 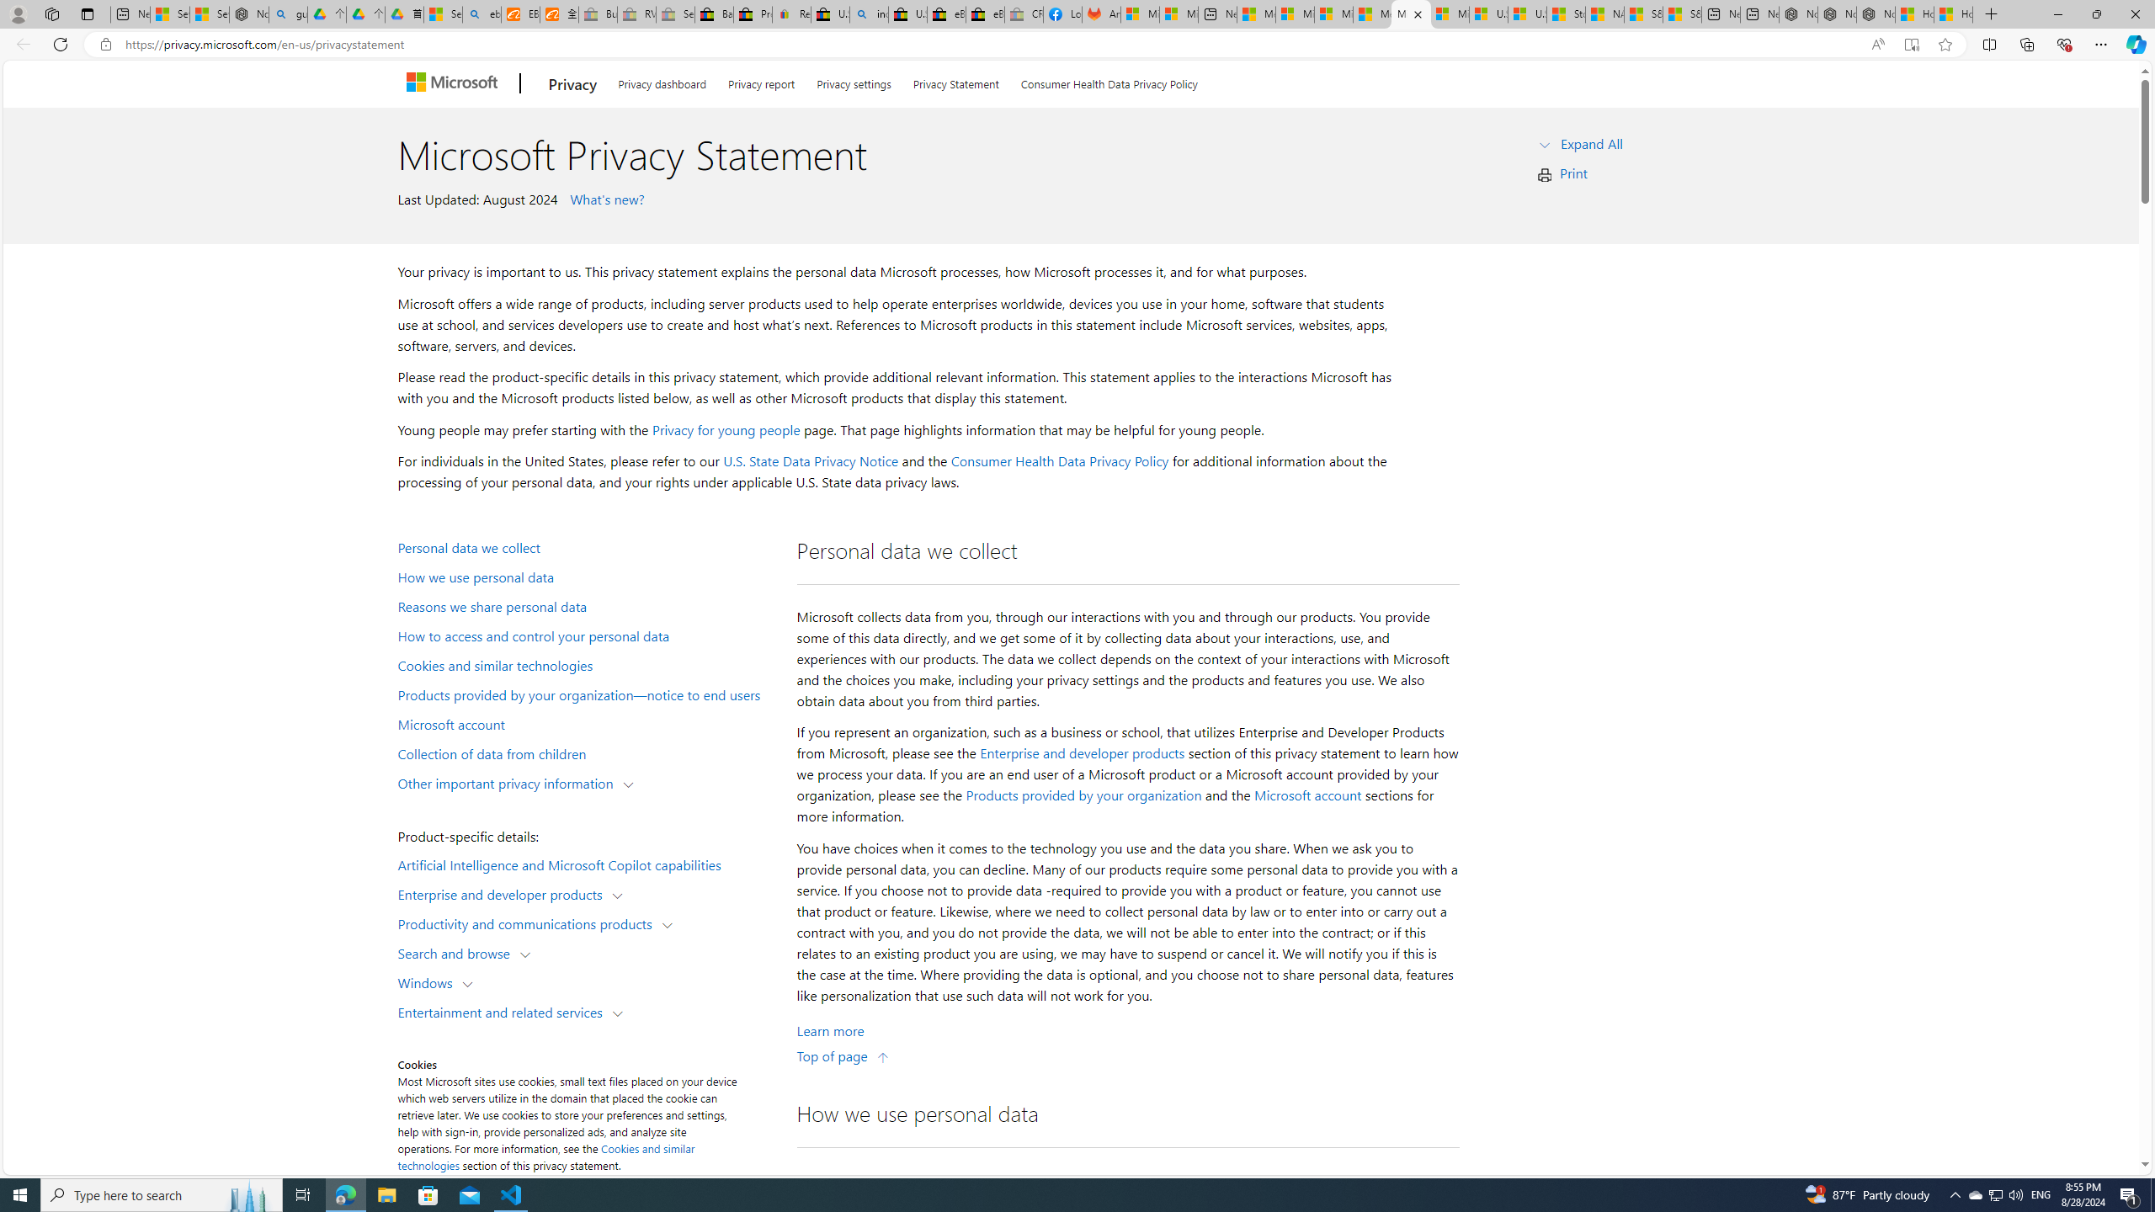 What do you see at coordinates (761, 80) in the screenshot?
I see `'Privacy report'` at bounding box center [761, 80].